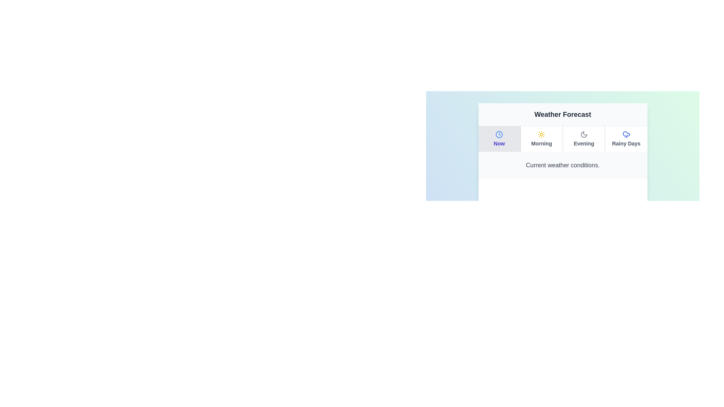 Image resolution: width=724 pixels, height=407 pixels. What do you see at coordinates (499, 139) in the screenshot?
I see `the 'Now' button located below the clock icon in the top navigation bar` at bounding box center [499, 139].